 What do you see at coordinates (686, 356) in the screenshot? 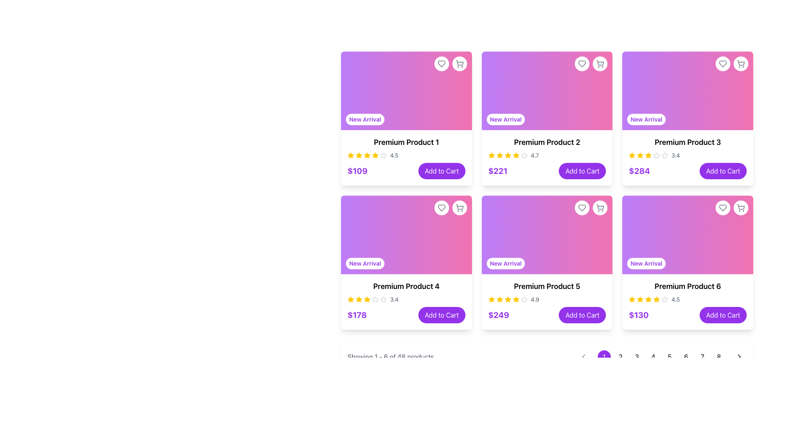
I see `the circular pagination button labeled '6' at the bottom center of the interface` at bounding box center [686, 356].